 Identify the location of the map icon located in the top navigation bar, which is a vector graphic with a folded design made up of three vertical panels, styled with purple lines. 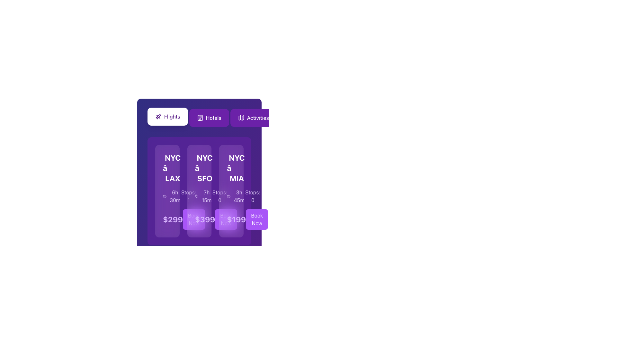
(241, 118).